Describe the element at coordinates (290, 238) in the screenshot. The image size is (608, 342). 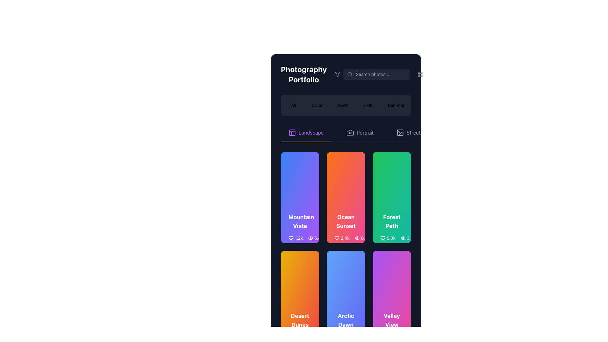
I see `the small heart-shaped icon styled with a thin line, located in the bottom-left corner of the 'Mountain Vista' card, next to the numerical text ('1.2k')` at that location.